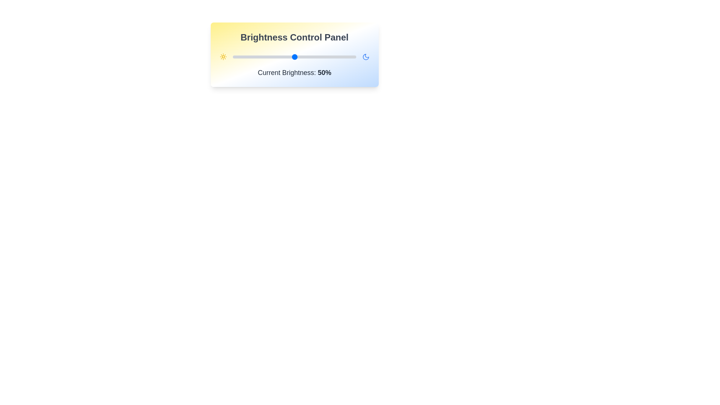 This screenshot has height=405, width=720. What do you see at coordinates (366, 56) in the screenshot?
I see `the blue crescent moon icon located on the far right side of the brightness control panel` at bounding box center [366, 56].